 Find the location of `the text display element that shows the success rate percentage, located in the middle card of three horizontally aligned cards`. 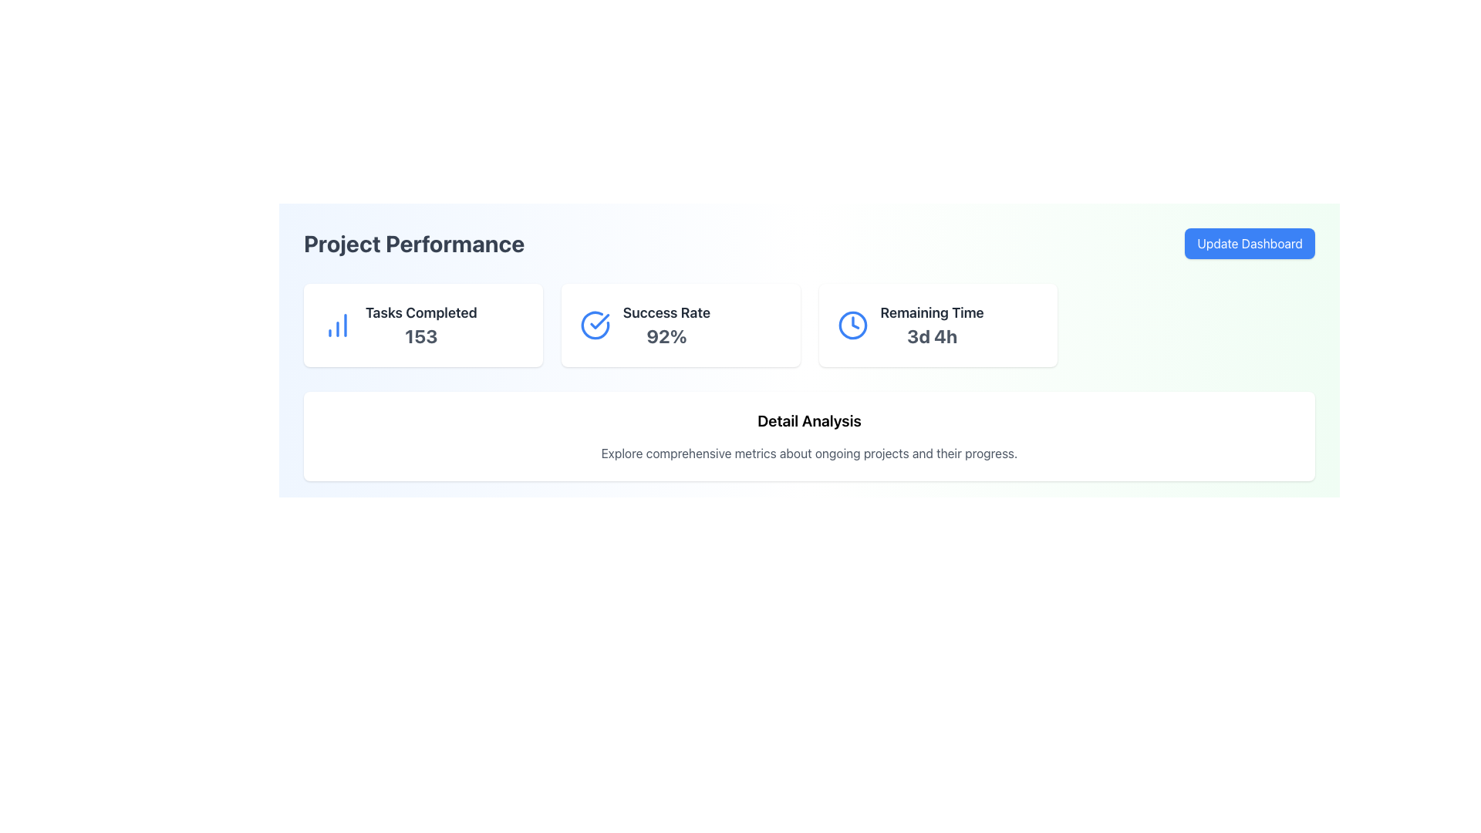

the text display element that shows the success rate percentage, located in the middle card of three horizontally aligned cards is located at coordinates (666, 324).